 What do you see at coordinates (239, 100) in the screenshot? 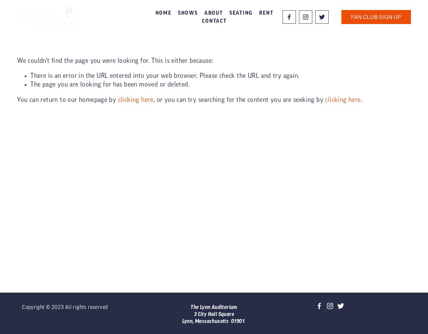
I see `', or you can try searching for the
  content you are seeking by'` at bounding box center [239, 100].